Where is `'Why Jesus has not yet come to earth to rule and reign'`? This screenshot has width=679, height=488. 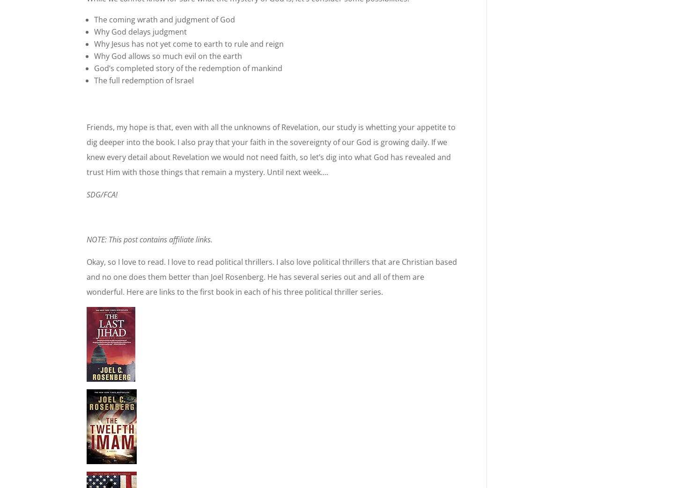 'Why Jesus has not yet come to earth to rule and reign' is located at coordinates (93, 44).